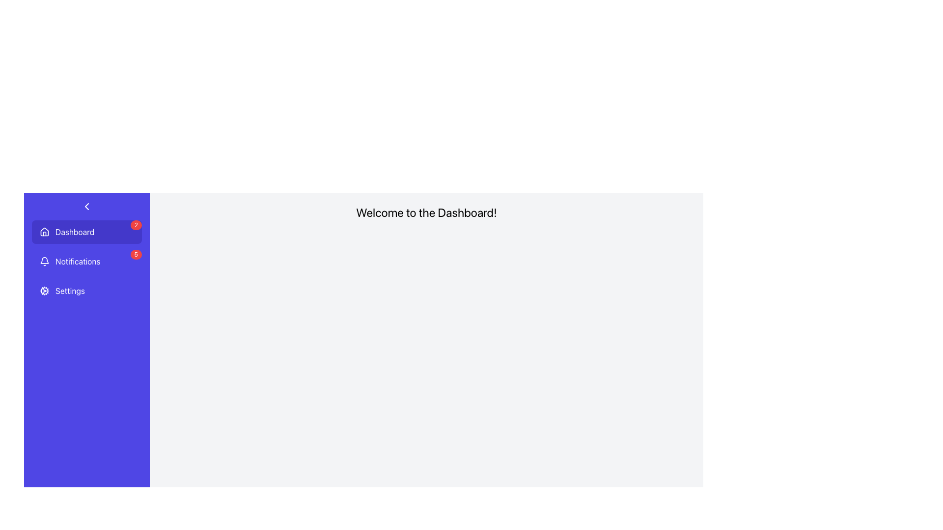 The width and height of the screenshot is (943, 530). What do you see at coordinates (87, 232) in the screenshot?
I see `the first Navigation Item in the vertical menu list on the left side of the interface` at bounding box center [87, 232].